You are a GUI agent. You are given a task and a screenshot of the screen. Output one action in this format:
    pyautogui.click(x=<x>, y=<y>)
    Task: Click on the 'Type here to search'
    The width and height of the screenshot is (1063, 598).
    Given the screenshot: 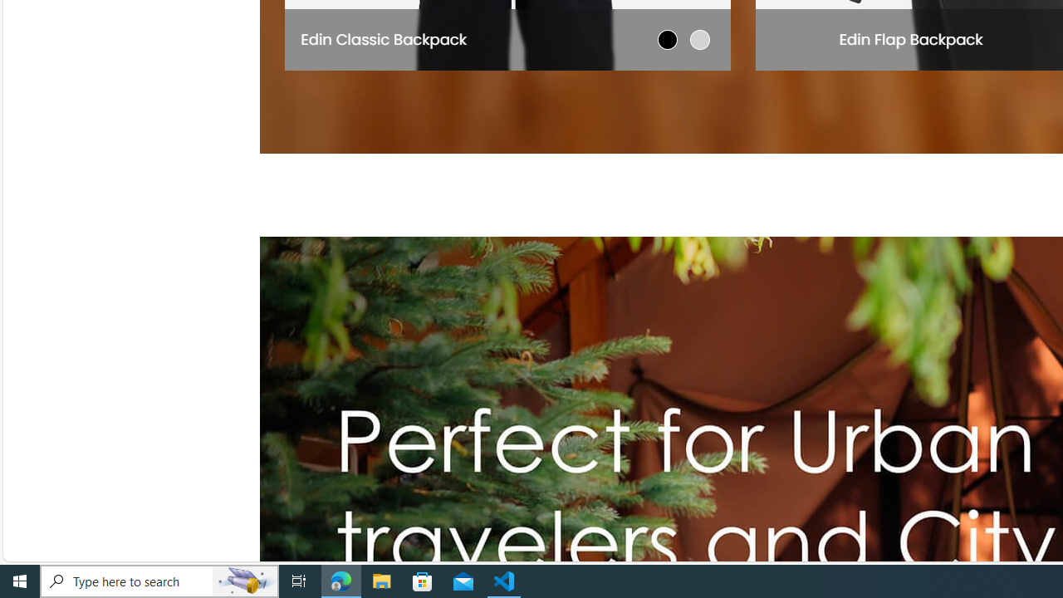 What is the action you would take?
    pyautogui.click(x=159, y=580)
    